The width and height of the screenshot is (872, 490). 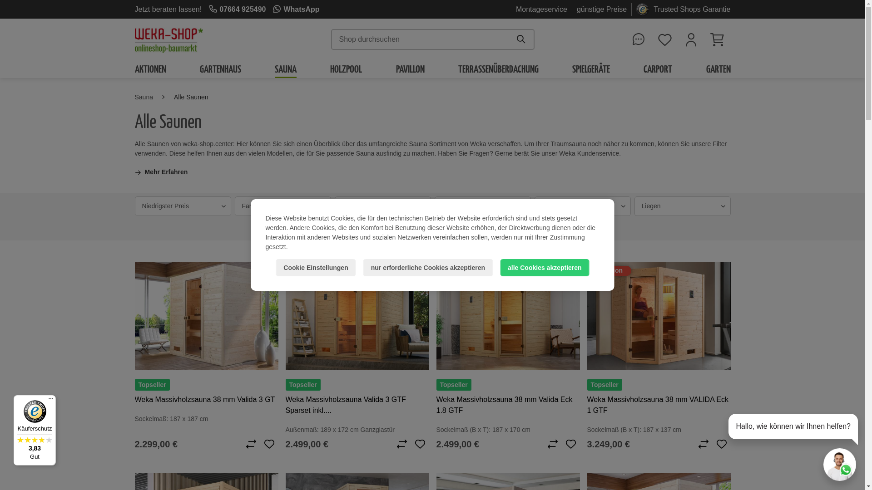 What do you see at coordinates (427, 267) in the screenshot?
I see `'nur erforderliche Cookies akzeptieren'` at bounding box center [427, 267].